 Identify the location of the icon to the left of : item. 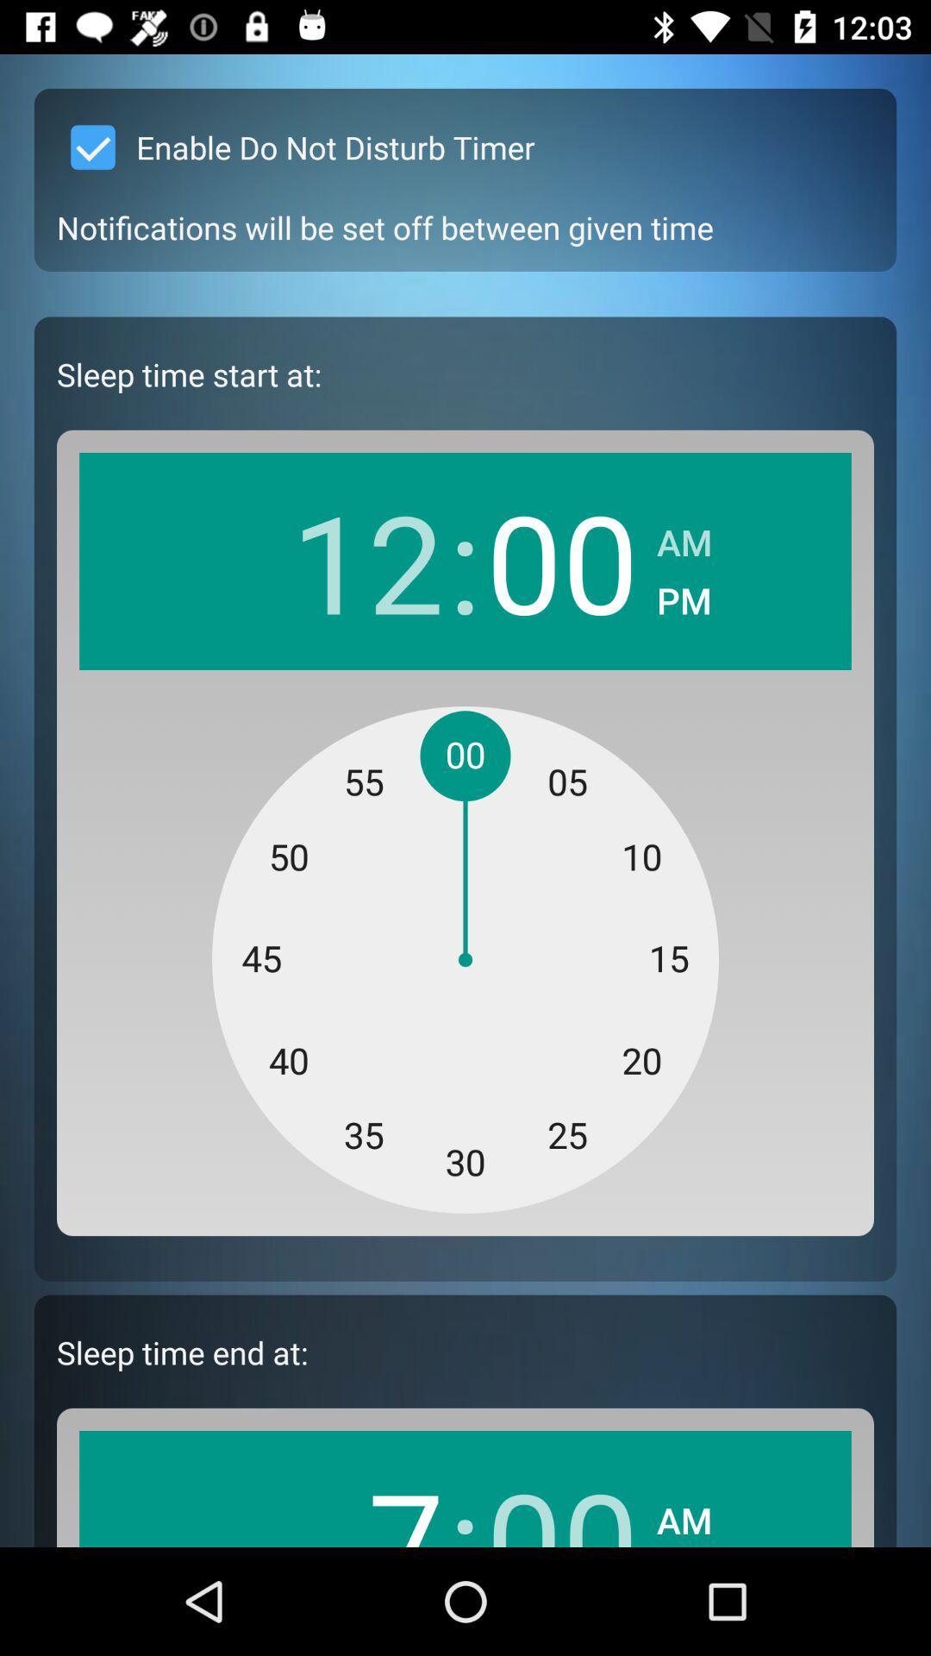
(366, 561).